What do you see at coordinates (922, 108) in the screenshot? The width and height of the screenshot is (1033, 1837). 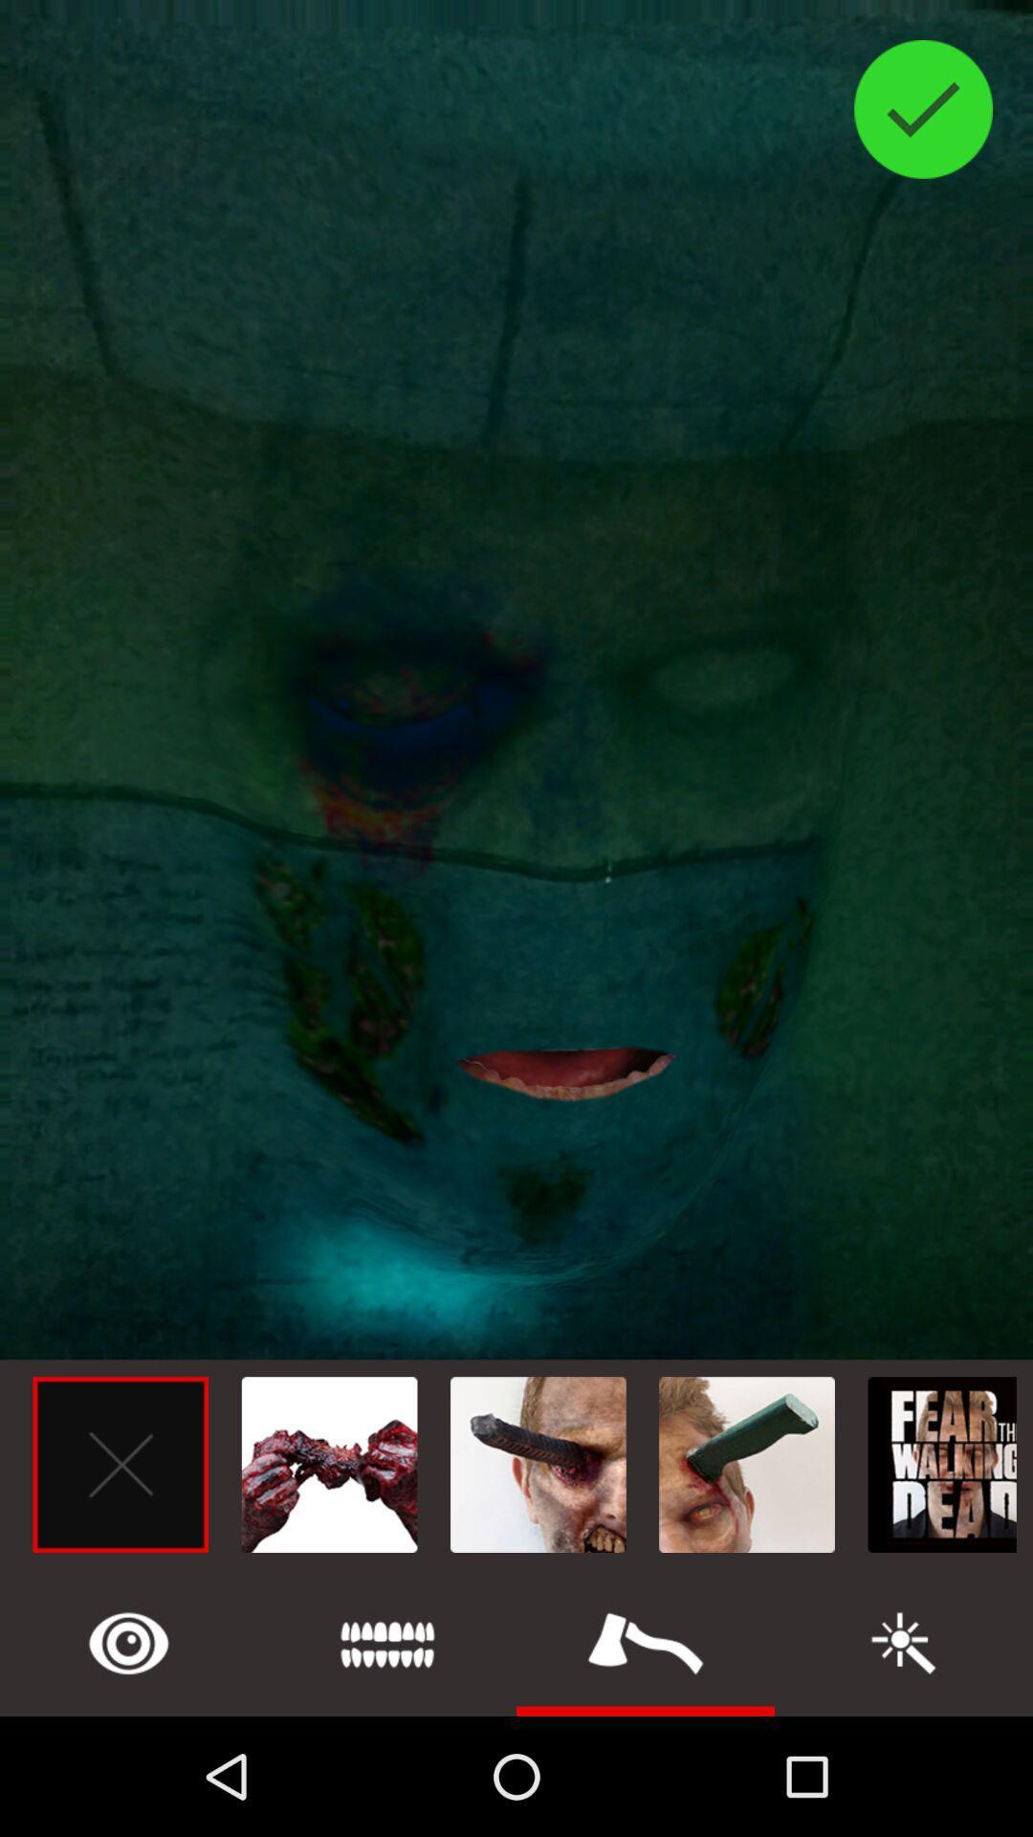 I see `the check icon` at bounding box center [922, 108].